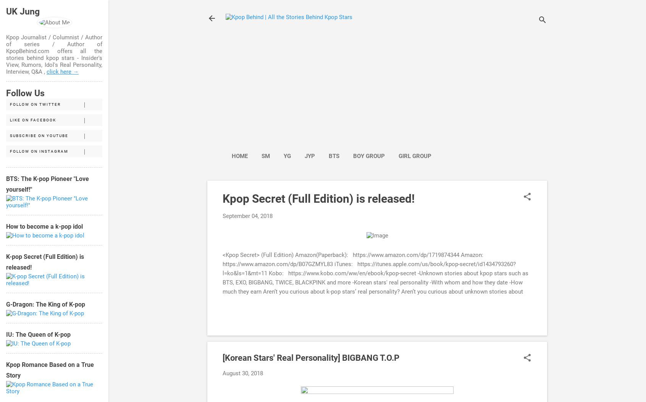  I want to click on 'SM', so click(265, 156).